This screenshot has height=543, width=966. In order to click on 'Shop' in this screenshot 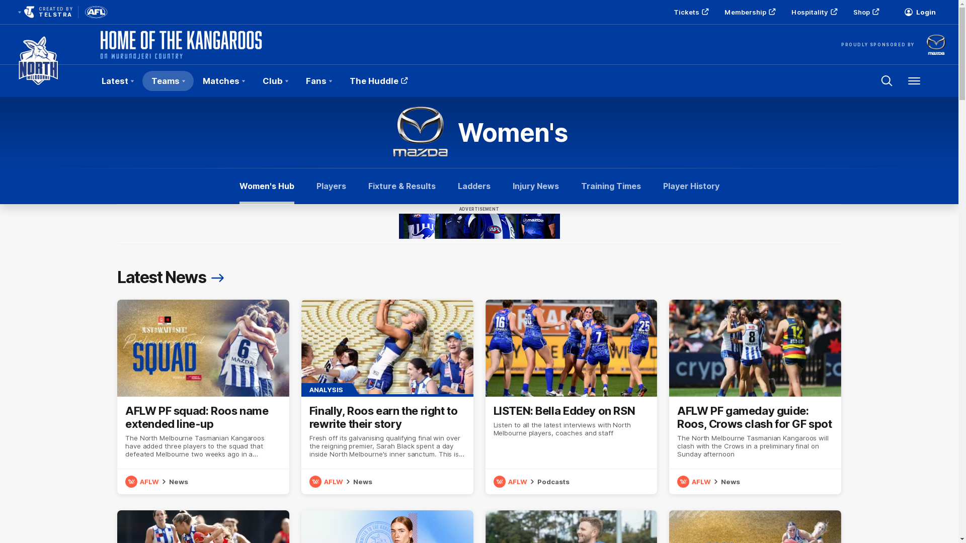, I will do `click(864, 12)`.